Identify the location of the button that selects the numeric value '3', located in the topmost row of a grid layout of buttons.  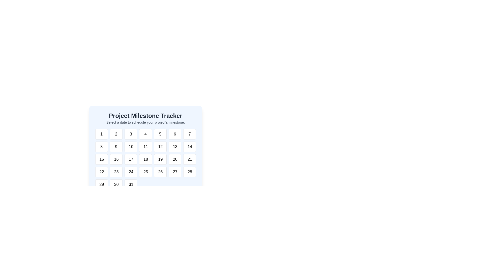
(131, 134).